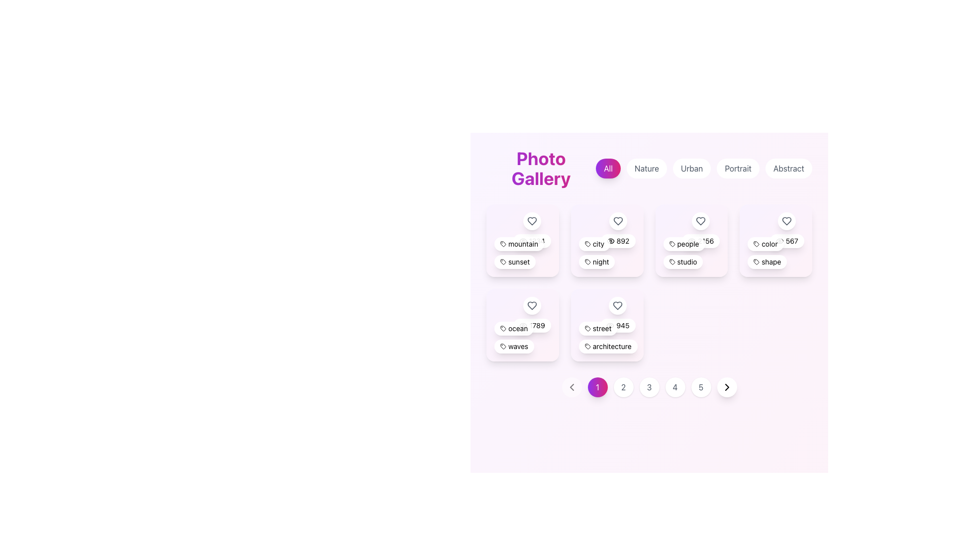 This screenshot has height=537, width=955. Describe the element at coordinates (700, 220) in the screenshot. I see `the circular button with a heart icon in the top-right corner of the 'people' card to activate the scaling effect` at that location.